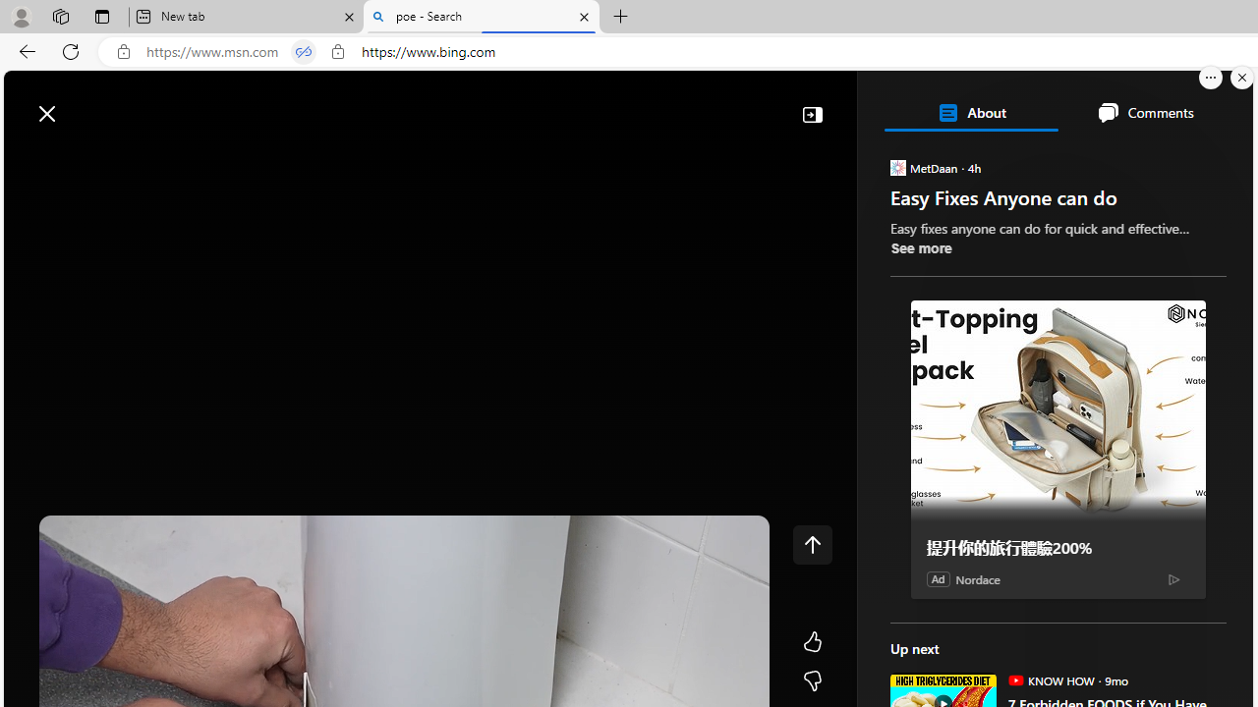 Image resolution: width=1258 pixels, height=707 pixels. Describe the element at coordinates (896, 166) in the screenshot. I see `'MetDaan'` at that location.